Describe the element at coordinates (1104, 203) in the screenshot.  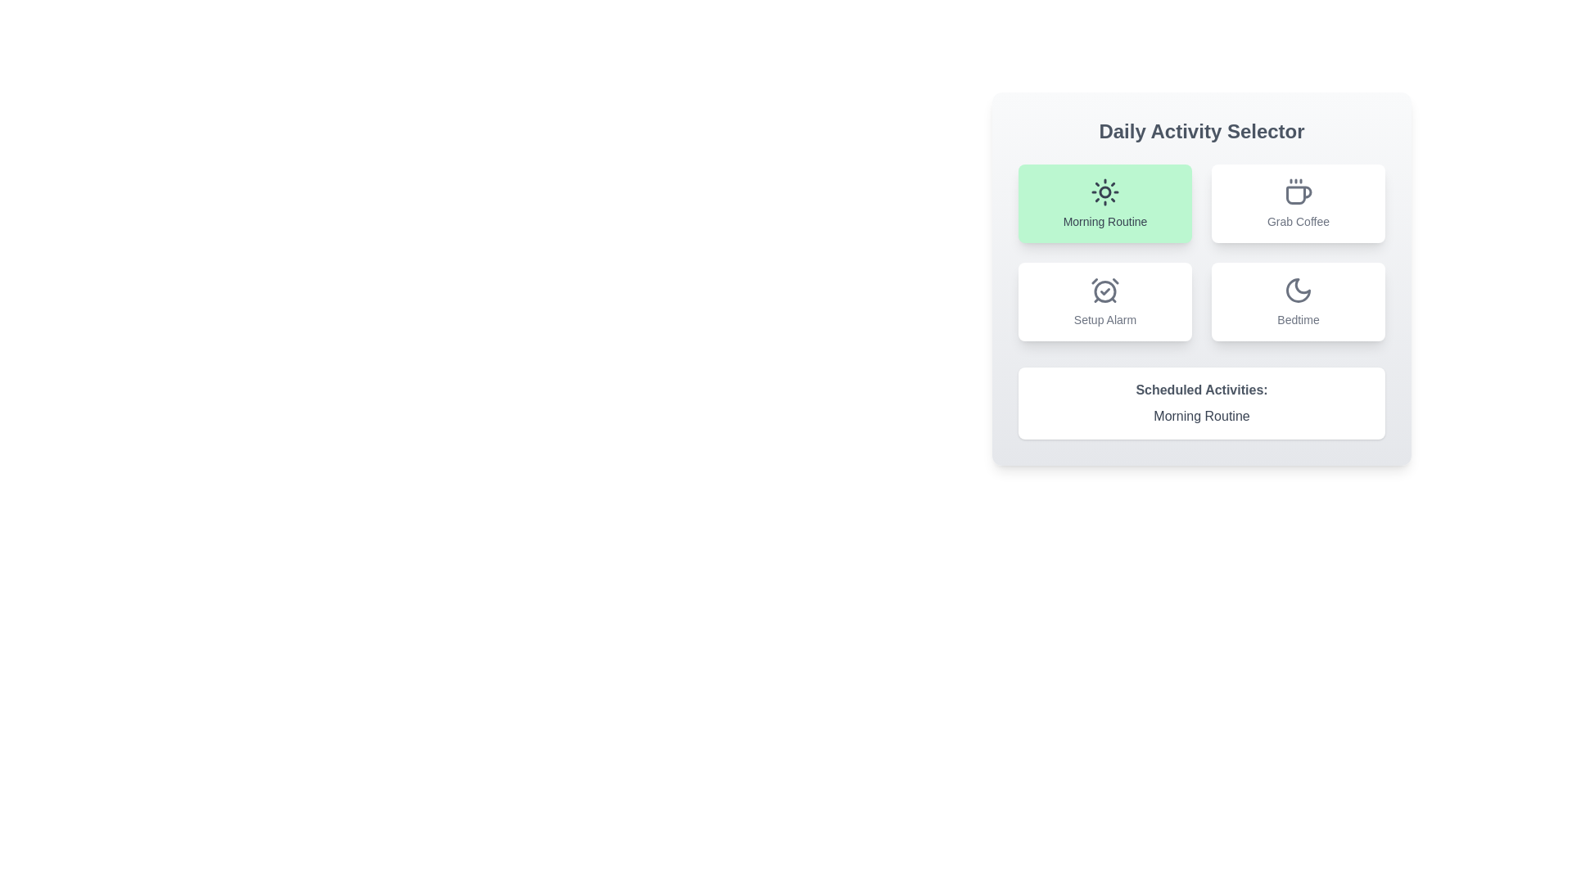
I see `the activity Morning Routine by clicking its button` at that location.